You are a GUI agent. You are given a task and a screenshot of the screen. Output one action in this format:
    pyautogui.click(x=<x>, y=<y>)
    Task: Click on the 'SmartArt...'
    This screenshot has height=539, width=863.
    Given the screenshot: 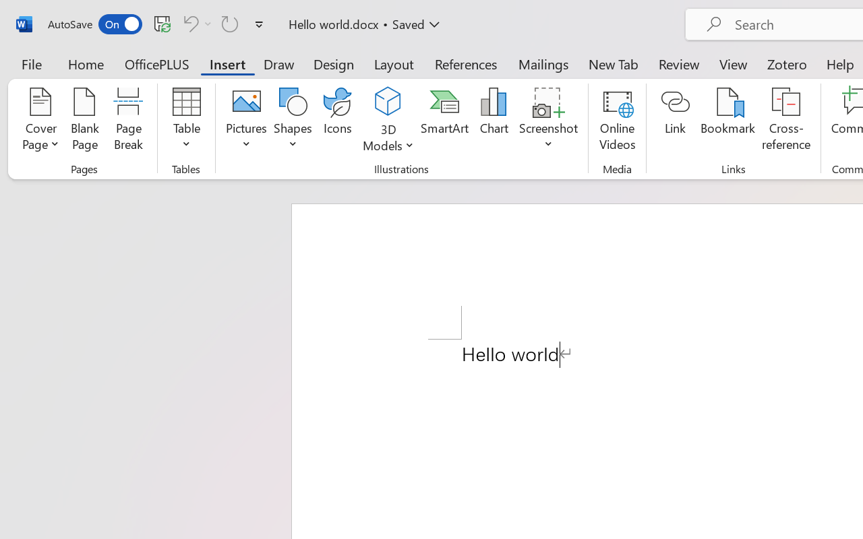 What is the action you would take?
    pyautogui.click(x=444, y=121)
    